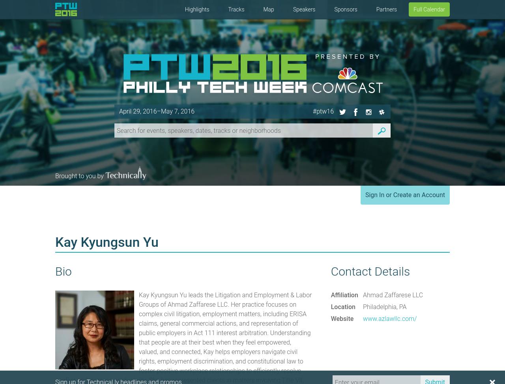 The width and height of the screenshot is (505, 384). I want to click on 'Philadelphia, PA', so click(362, 306).